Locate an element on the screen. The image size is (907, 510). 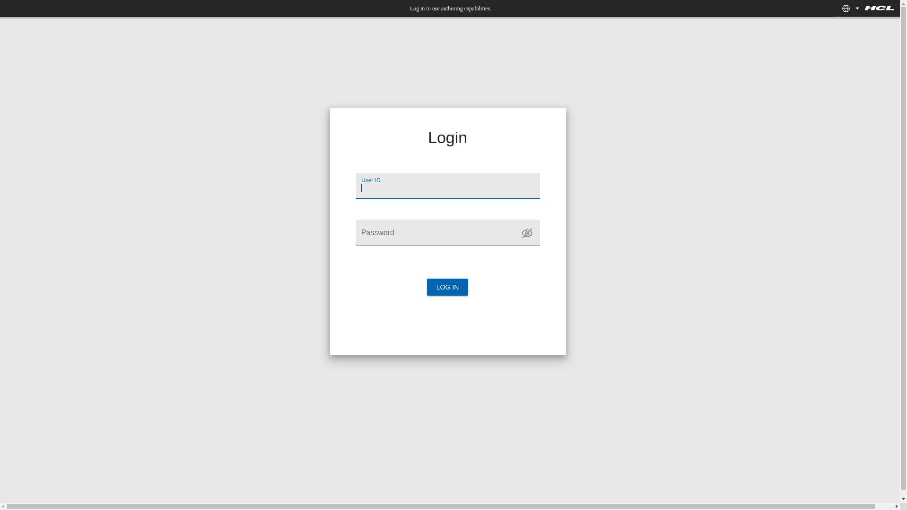
'LOG IN' is located at coordinates (426, 287).